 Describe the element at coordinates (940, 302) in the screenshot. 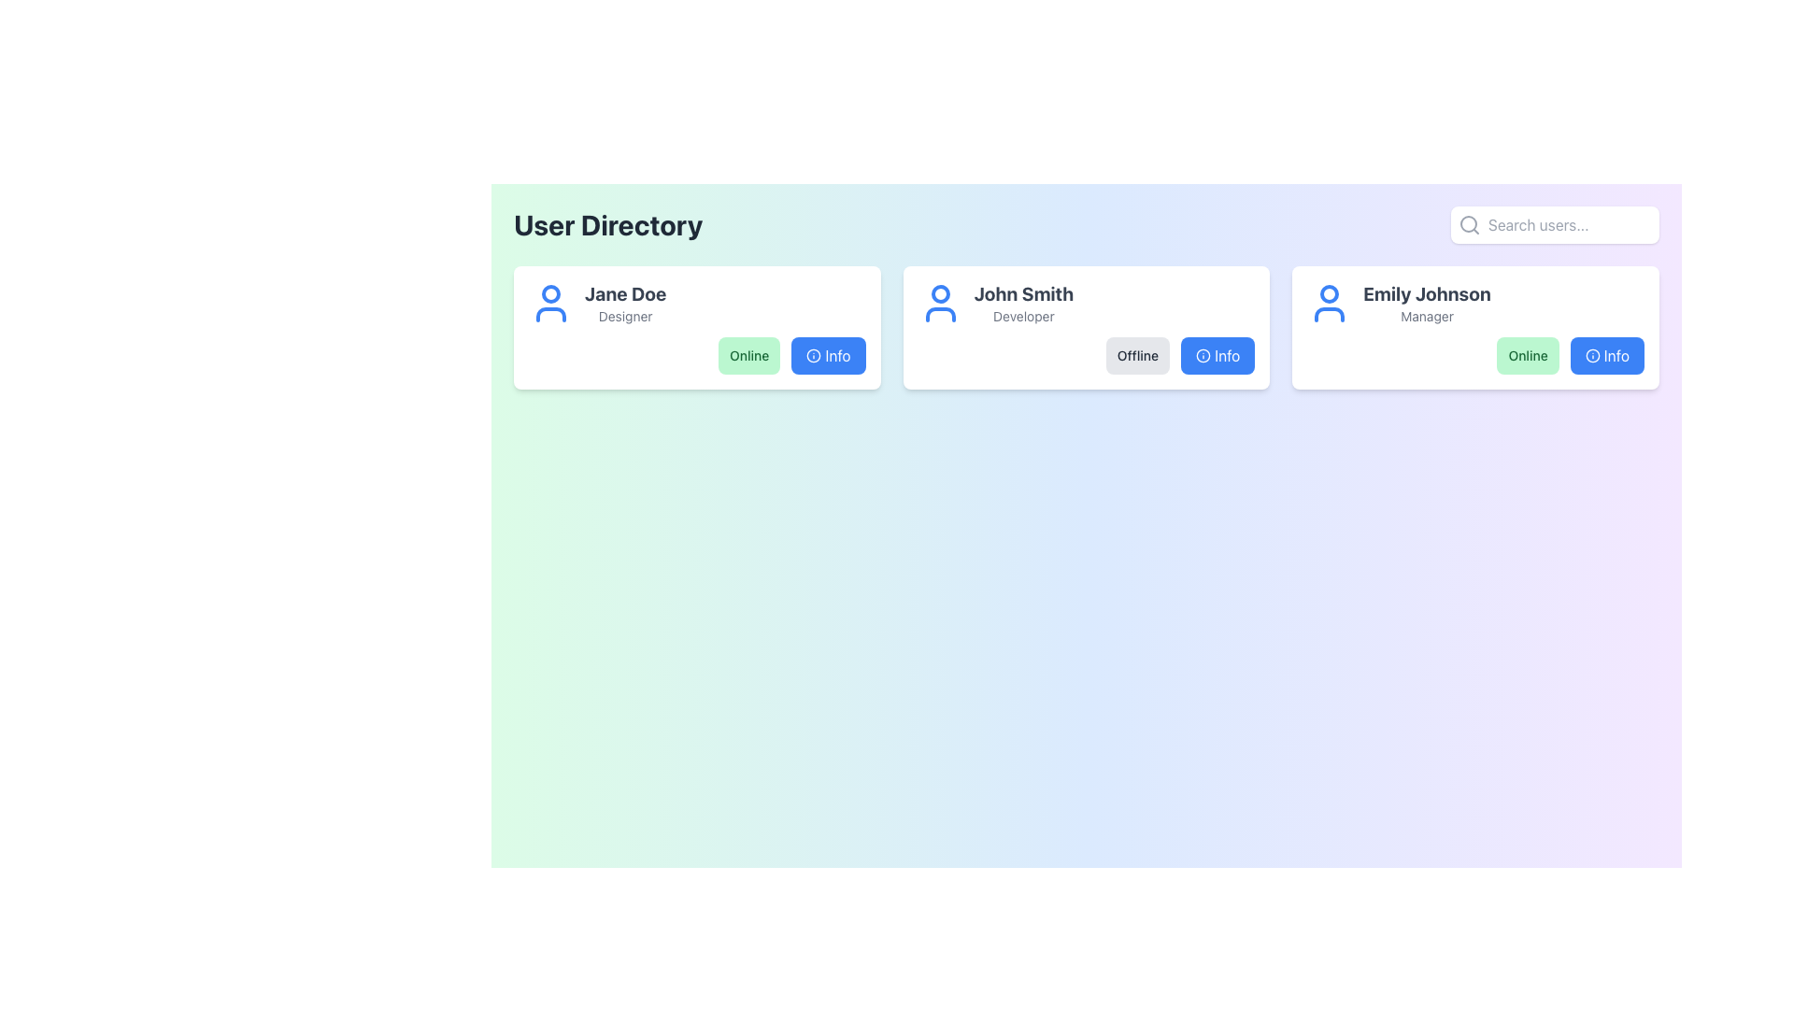

I see `the blue line-drawn person icon representing John Smith, located in the upper-left section of the card above the text 'John Smith' and 'Developer'` at that location.